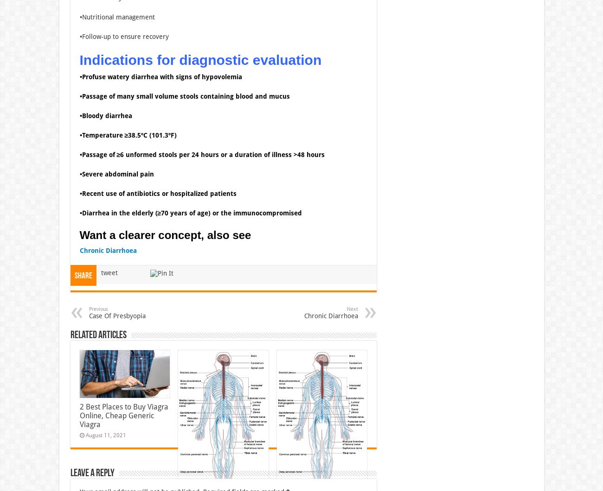  Describe the element at coordinates (79, 154) in the screenshot. I see `'•Passage of ≥6 unformed stools per 24 hours or a duration of illness >48 hours'` at that location.